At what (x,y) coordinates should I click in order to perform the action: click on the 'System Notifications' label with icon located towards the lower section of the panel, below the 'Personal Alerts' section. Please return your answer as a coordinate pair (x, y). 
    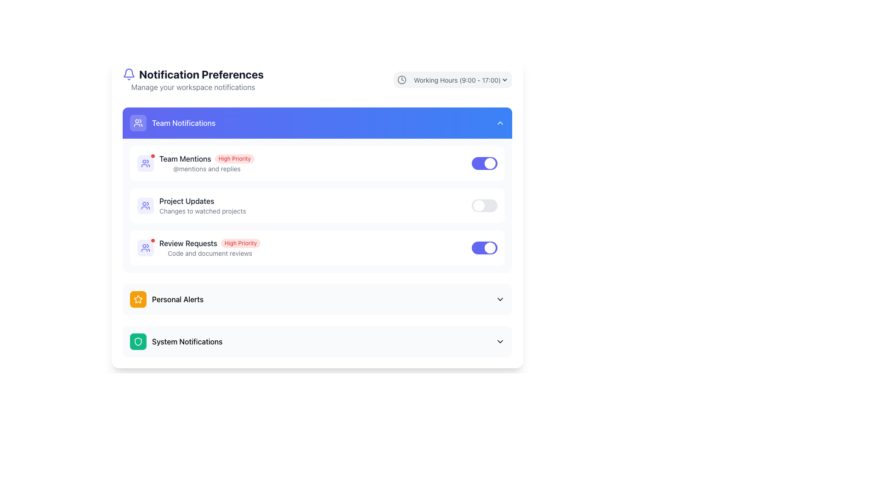
    Looking at the image, I should click on (176, 342).